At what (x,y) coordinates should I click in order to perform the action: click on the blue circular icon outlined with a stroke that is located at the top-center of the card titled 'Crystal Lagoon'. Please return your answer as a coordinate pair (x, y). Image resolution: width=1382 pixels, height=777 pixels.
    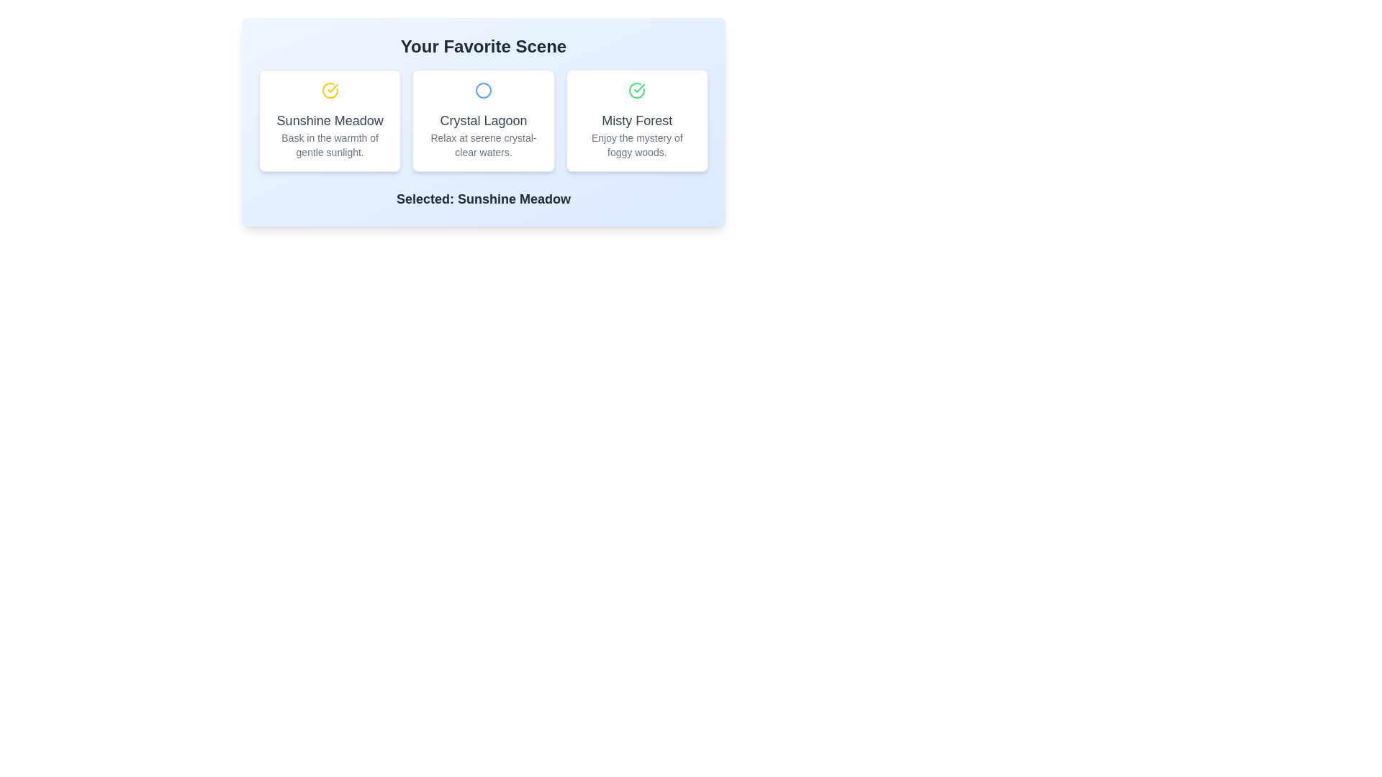
    Looking at the image, I should click on (484, 91).